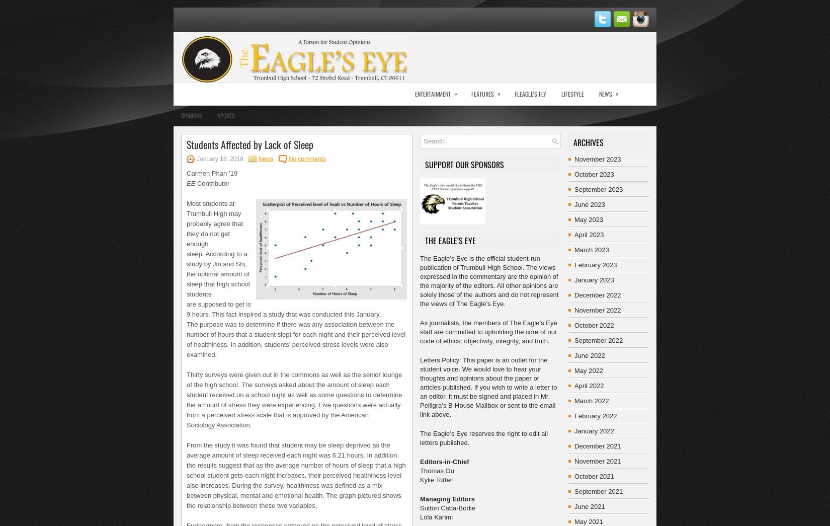 This screenshot has width=830, height=526. What do you see at coordinates (447, 508) in the screenshot?
I see `'Sutton Caba-Bodie'` at bounding box center [447, 508].